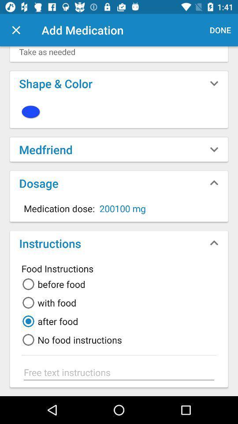 Image resolution: width=238 pixels, height=424 pixels. What do you see at coordinates (52, 284) in the screenshot?
I see `the before food` at bounding box center [52, 284].